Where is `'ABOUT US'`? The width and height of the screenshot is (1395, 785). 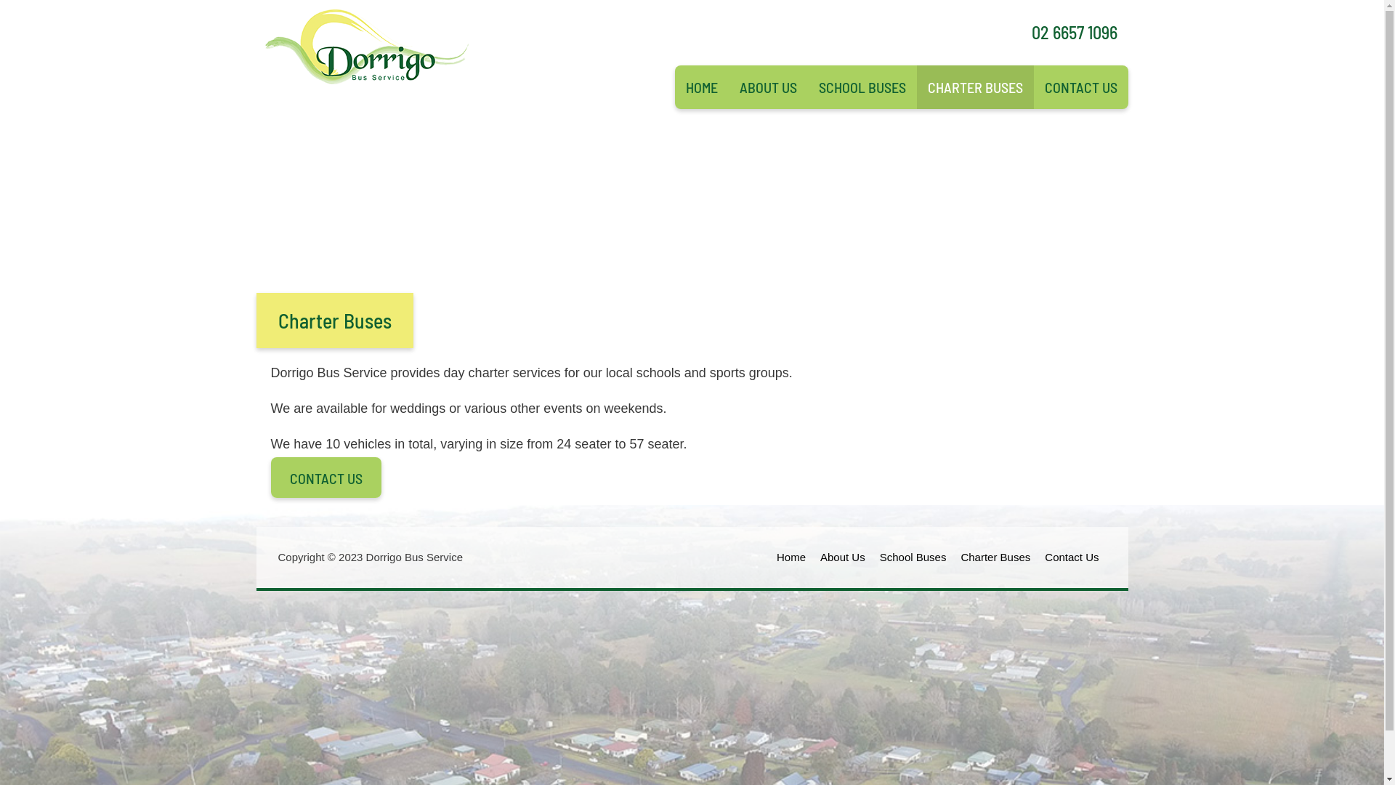 'ABOUT US' is located at coordinates (767, 86).